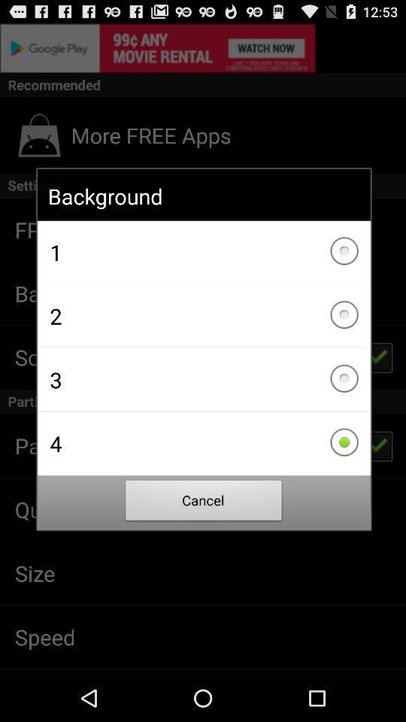 The height and width of the screenshot is (722, 406). I want to click on cancel item, so click(203, 502).